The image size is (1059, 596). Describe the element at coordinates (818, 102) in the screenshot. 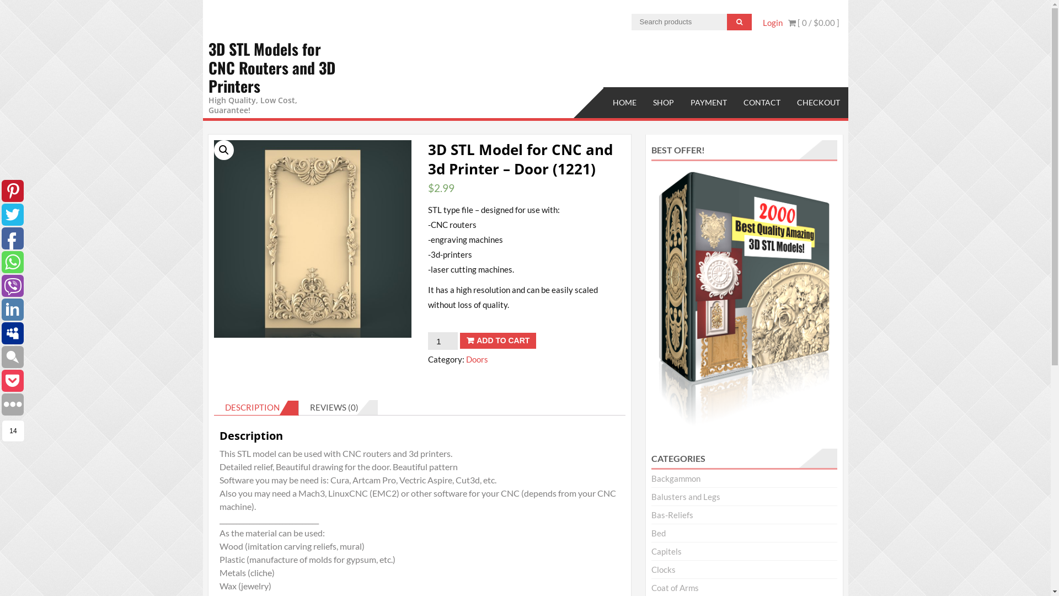

I see `'CHECKOUT'` at that location.